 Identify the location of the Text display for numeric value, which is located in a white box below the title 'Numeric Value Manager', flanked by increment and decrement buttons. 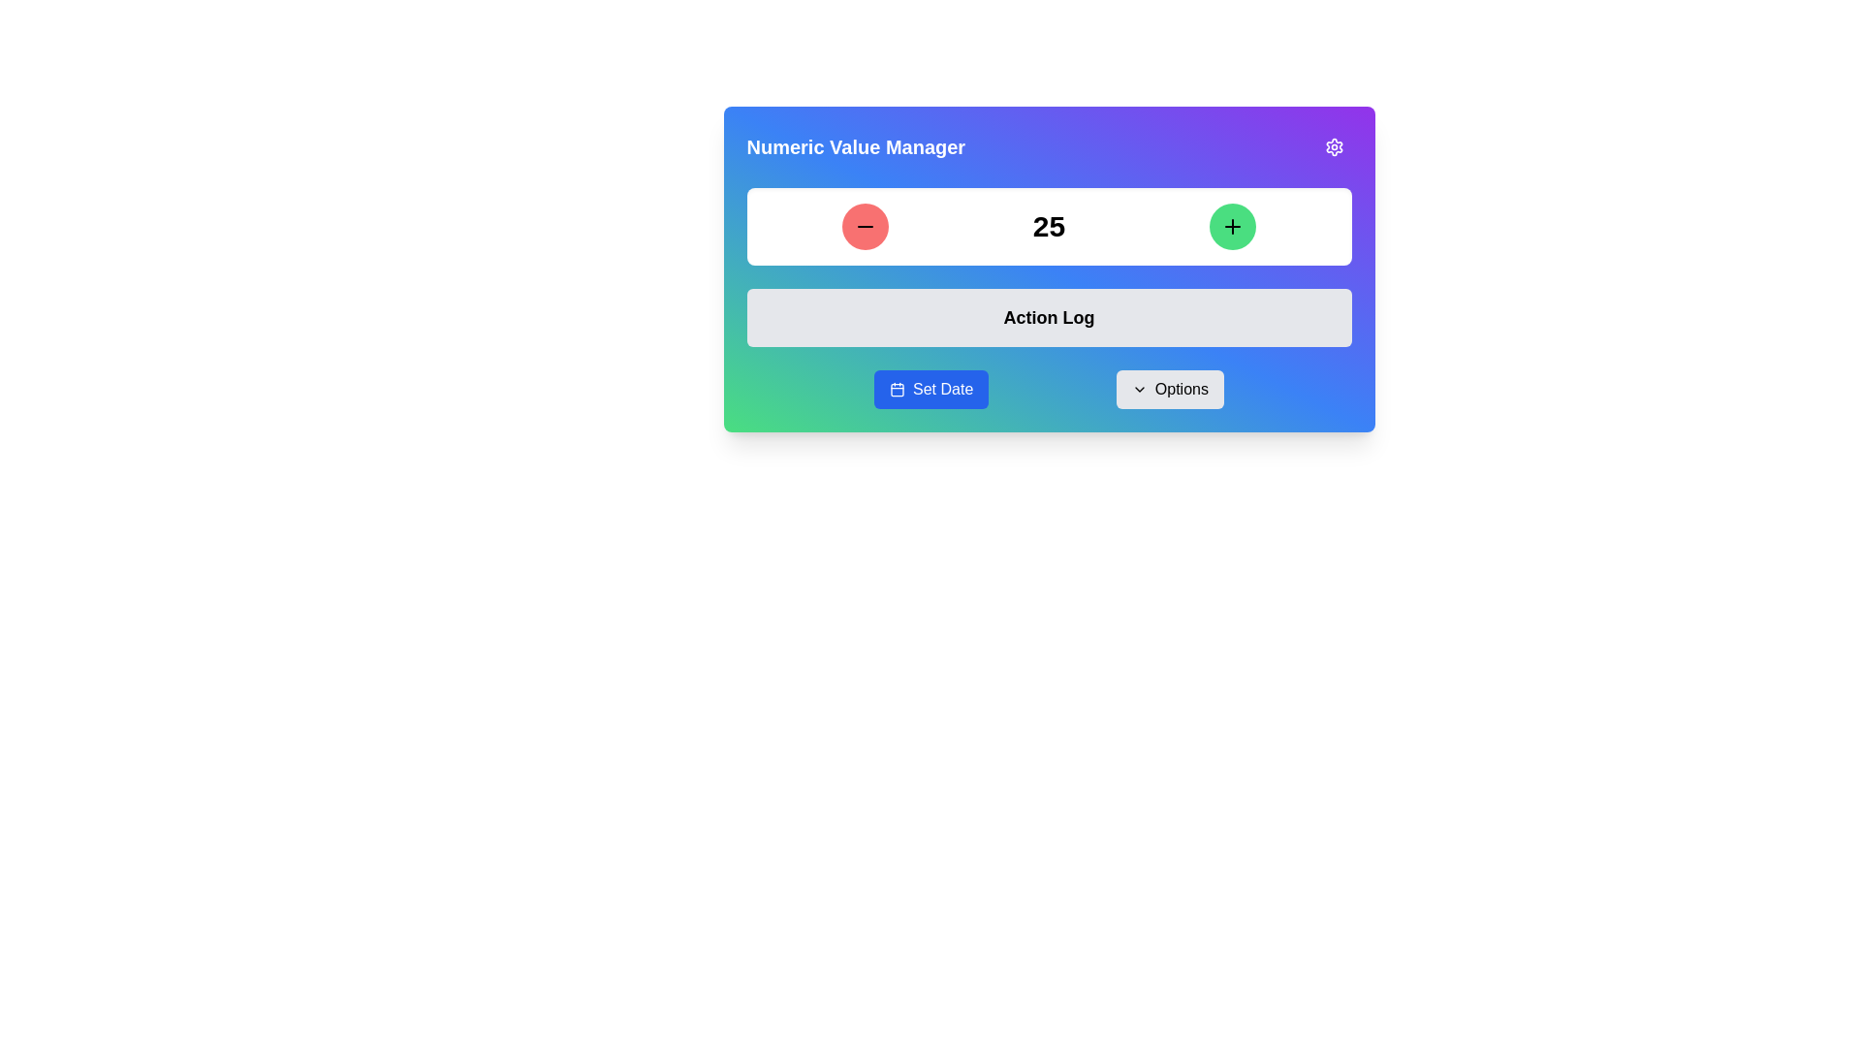
(1048, 226).